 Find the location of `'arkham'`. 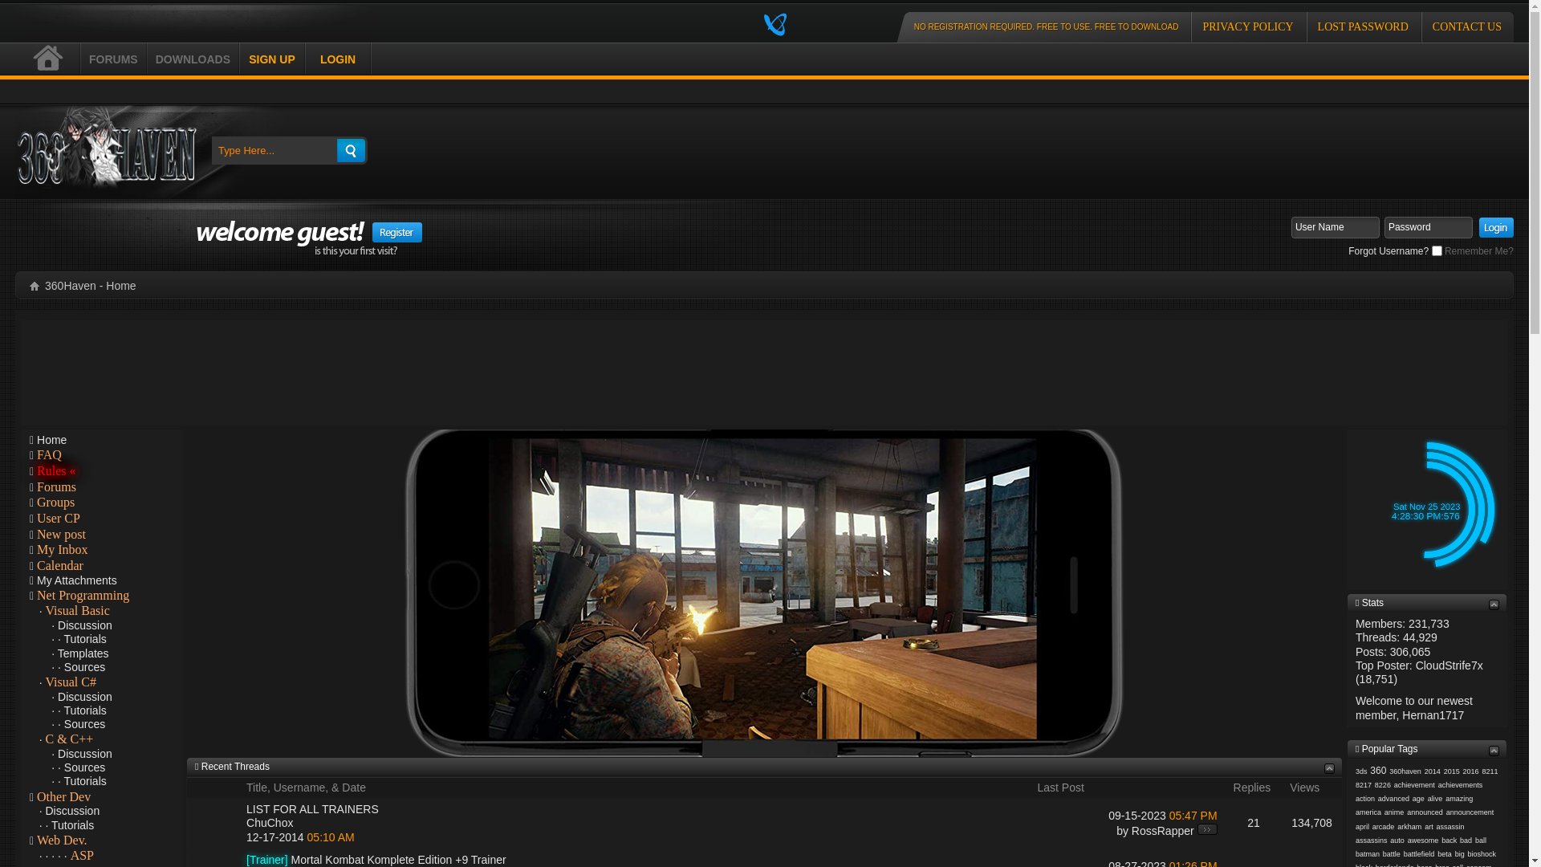

'arkham' is located at coordinates (1409, 826).